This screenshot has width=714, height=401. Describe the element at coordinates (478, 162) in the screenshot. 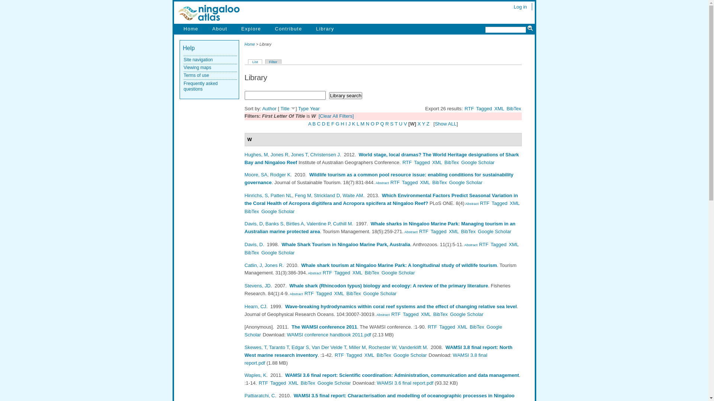

I see `'Google Scholar'` at that location.